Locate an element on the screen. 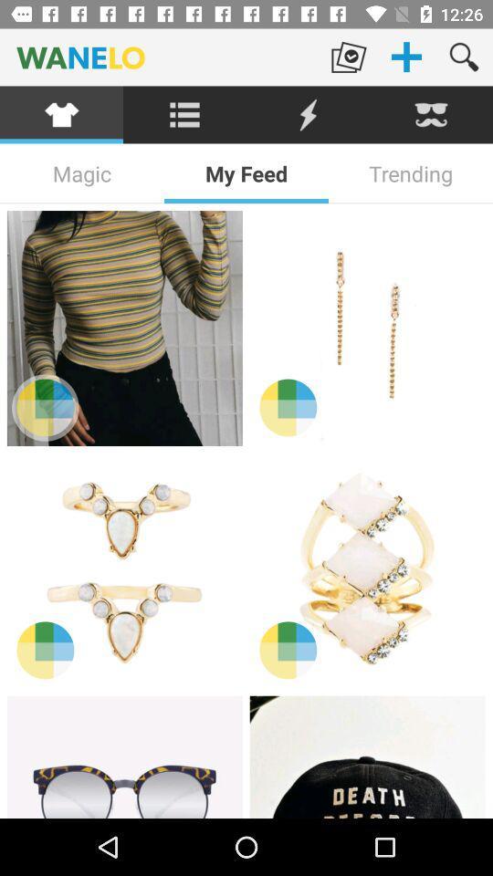 This screenshot has width=493, height=876. the item next to trending is located at coordinates (246, 173).